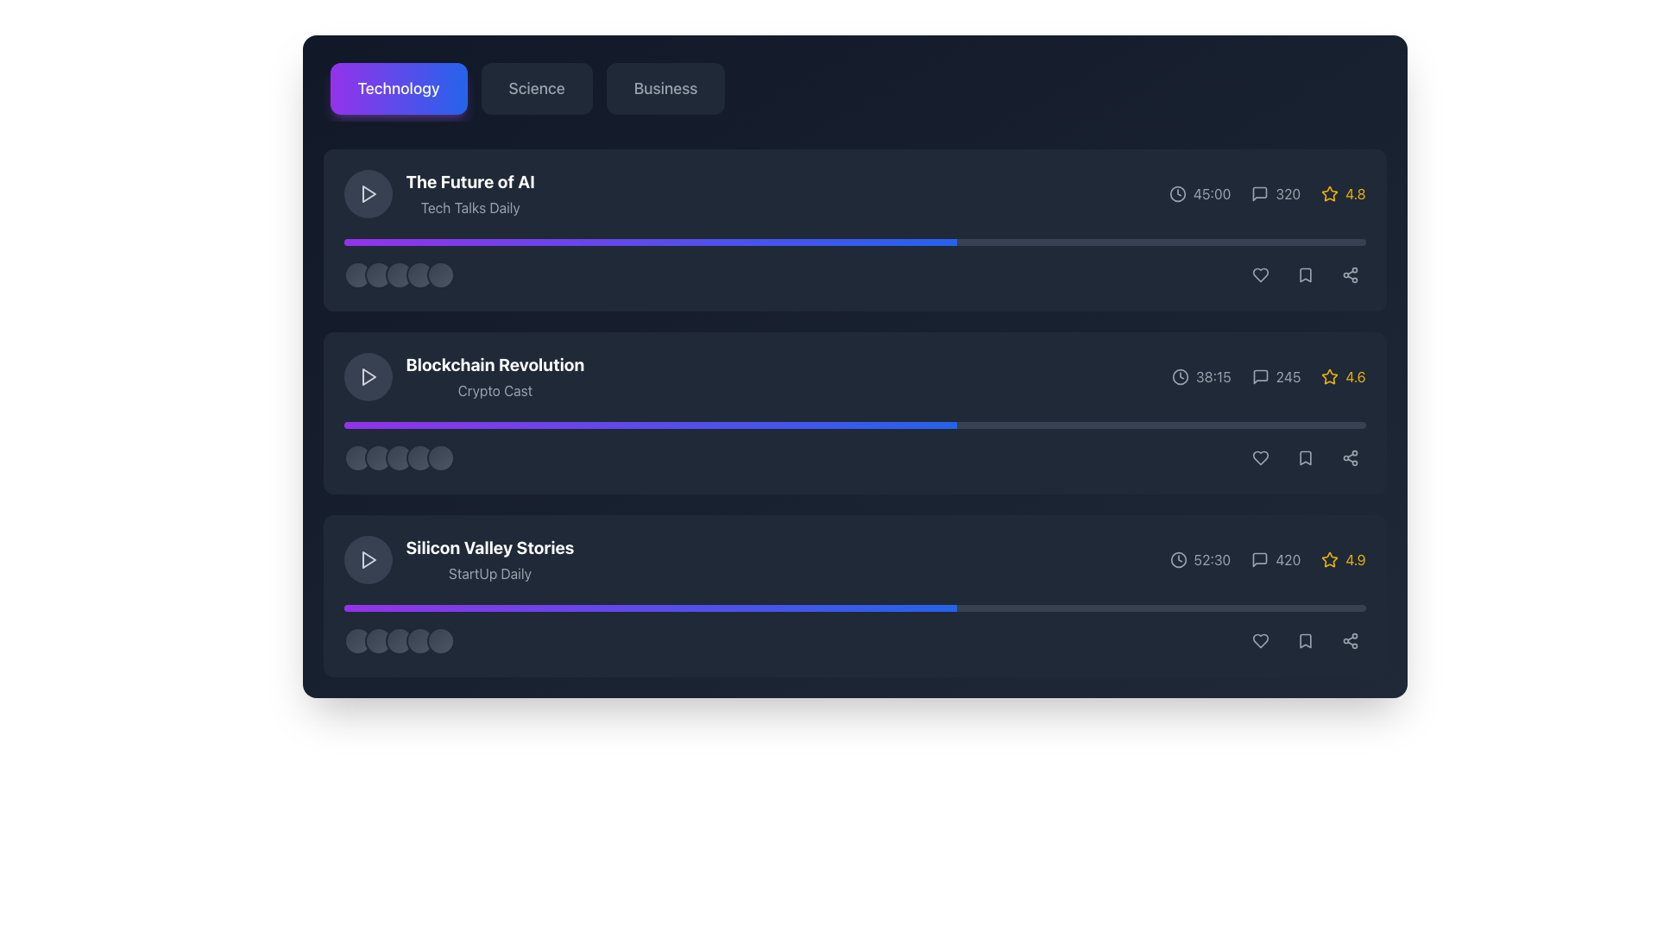  I want to click on the star-shaped rating icon outlined in yellow, which is located at the mid-right part of the second content card, to interact with it, so click(1329, 375).